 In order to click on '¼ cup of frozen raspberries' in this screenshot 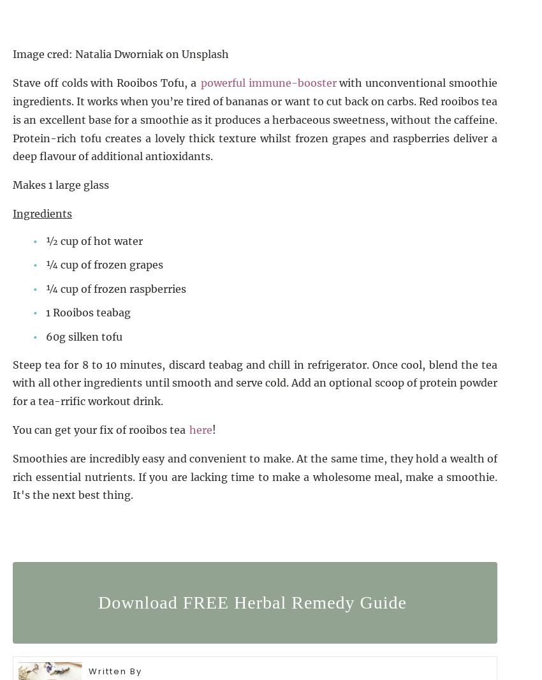, I will do `click(45, 288)`.